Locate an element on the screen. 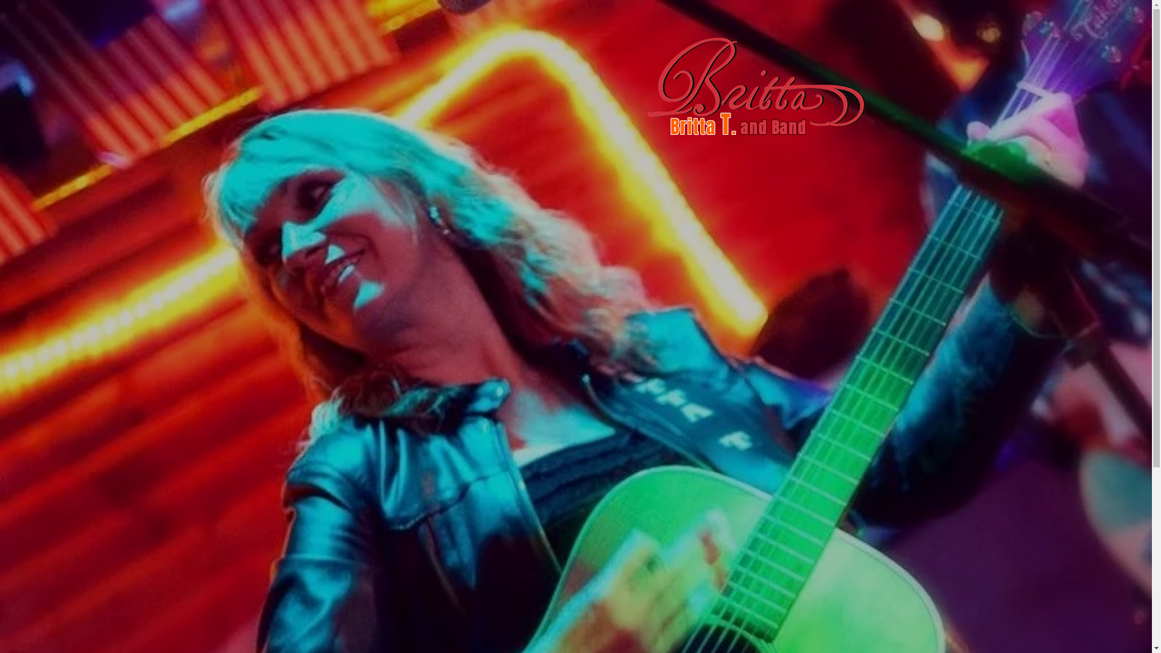 This screenshot has width=1161, height=653. 'Britta' is located at coordinates (693, 126).